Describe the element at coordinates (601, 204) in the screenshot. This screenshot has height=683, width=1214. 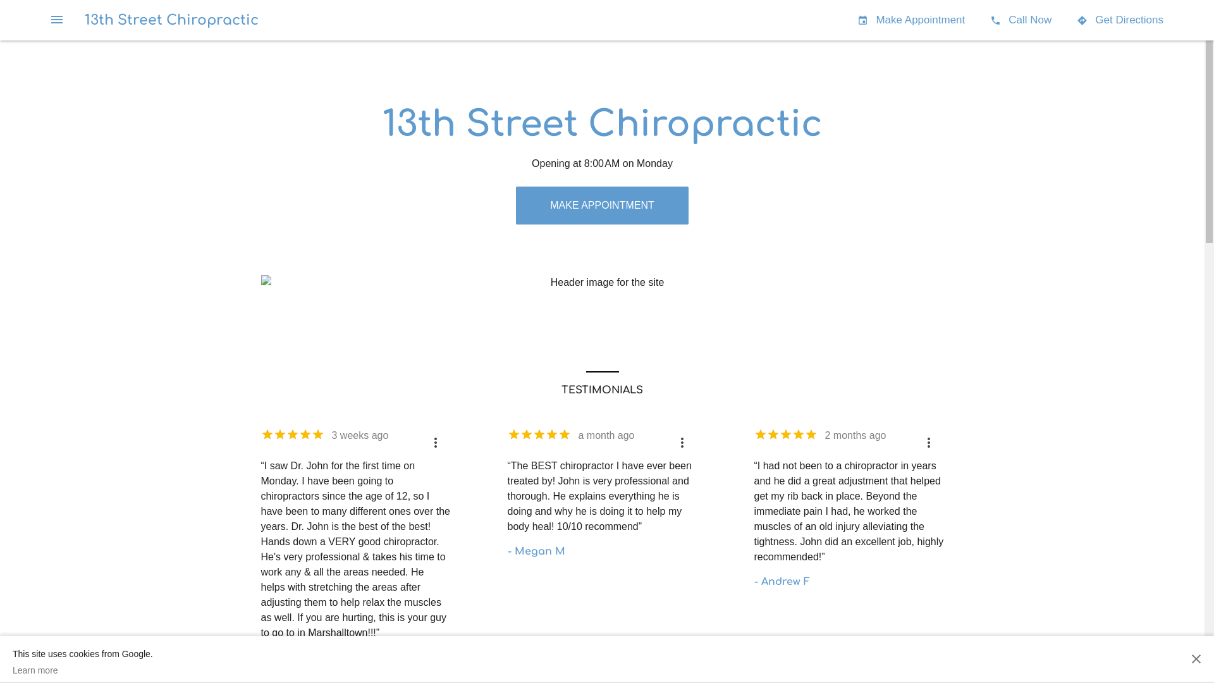
I see `'MAKE APPOINTMENT'` at that location.